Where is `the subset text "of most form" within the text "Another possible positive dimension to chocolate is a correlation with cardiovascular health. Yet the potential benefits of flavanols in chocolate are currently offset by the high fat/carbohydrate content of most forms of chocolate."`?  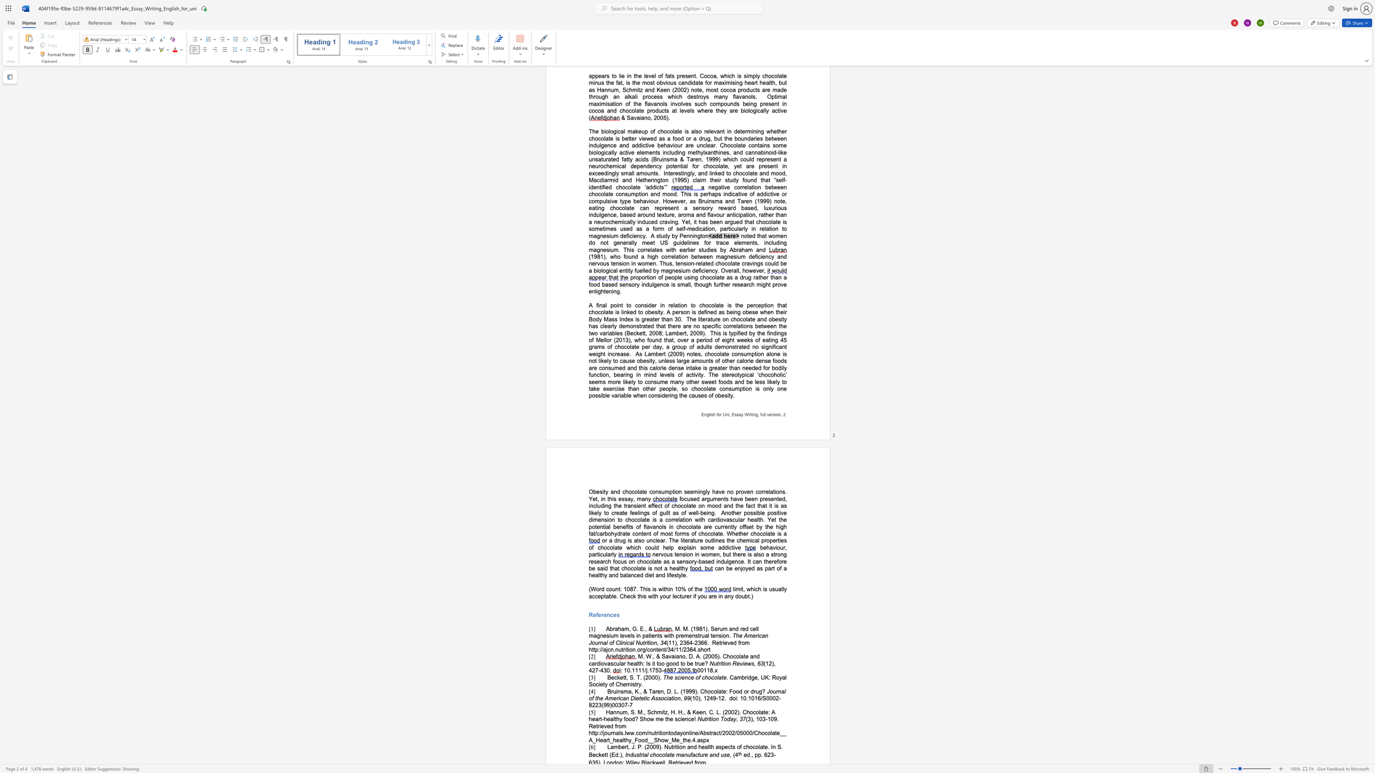
the subset text "of most form" within the text "Another possible positive dimension to chocolate is a correlation with cardiovascular health. Yet the potential benefits of flavanols in chocolate are currently offset by the high fat/carbohydrate content of most forms of chocolate." is located at coordinates (653, 533).